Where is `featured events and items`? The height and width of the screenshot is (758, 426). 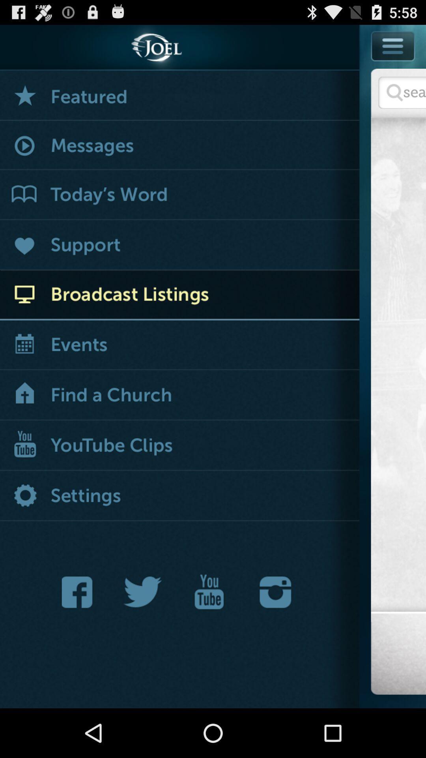
featured events and items is located at coordinates (179, 95).